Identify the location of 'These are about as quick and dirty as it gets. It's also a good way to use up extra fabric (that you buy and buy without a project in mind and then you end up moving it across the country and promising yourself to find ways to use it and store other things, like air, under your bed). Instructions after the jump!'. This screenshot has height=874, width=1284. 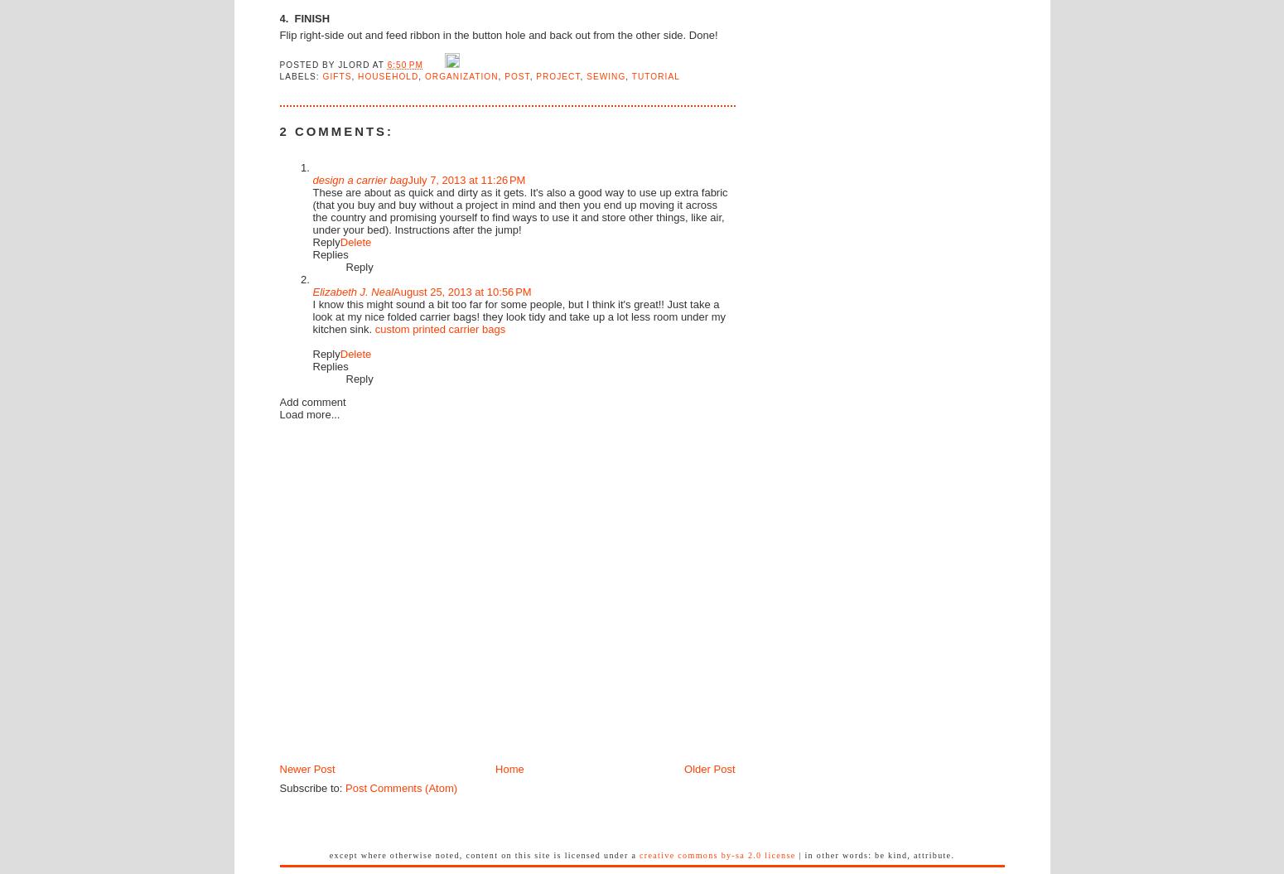
(519, 210).